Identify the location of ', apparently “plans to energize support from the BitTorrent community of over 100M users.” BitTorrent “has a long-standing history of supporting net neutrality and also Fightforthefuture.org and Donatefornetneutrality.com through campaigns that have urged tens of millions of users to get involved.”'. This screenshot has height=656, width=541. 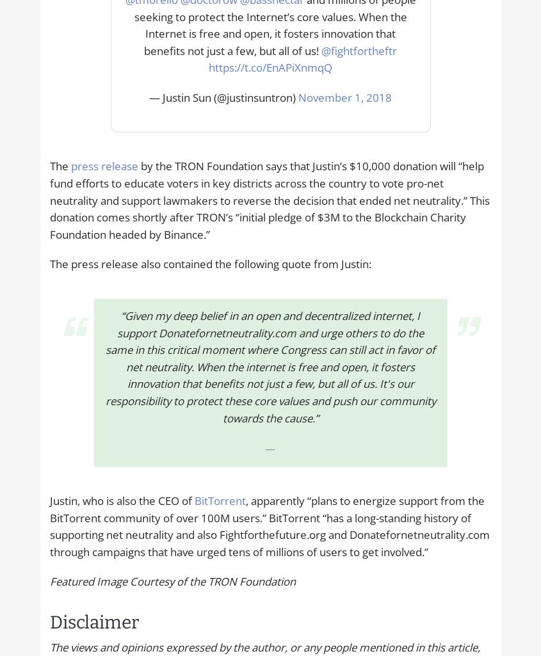
(268, 525).